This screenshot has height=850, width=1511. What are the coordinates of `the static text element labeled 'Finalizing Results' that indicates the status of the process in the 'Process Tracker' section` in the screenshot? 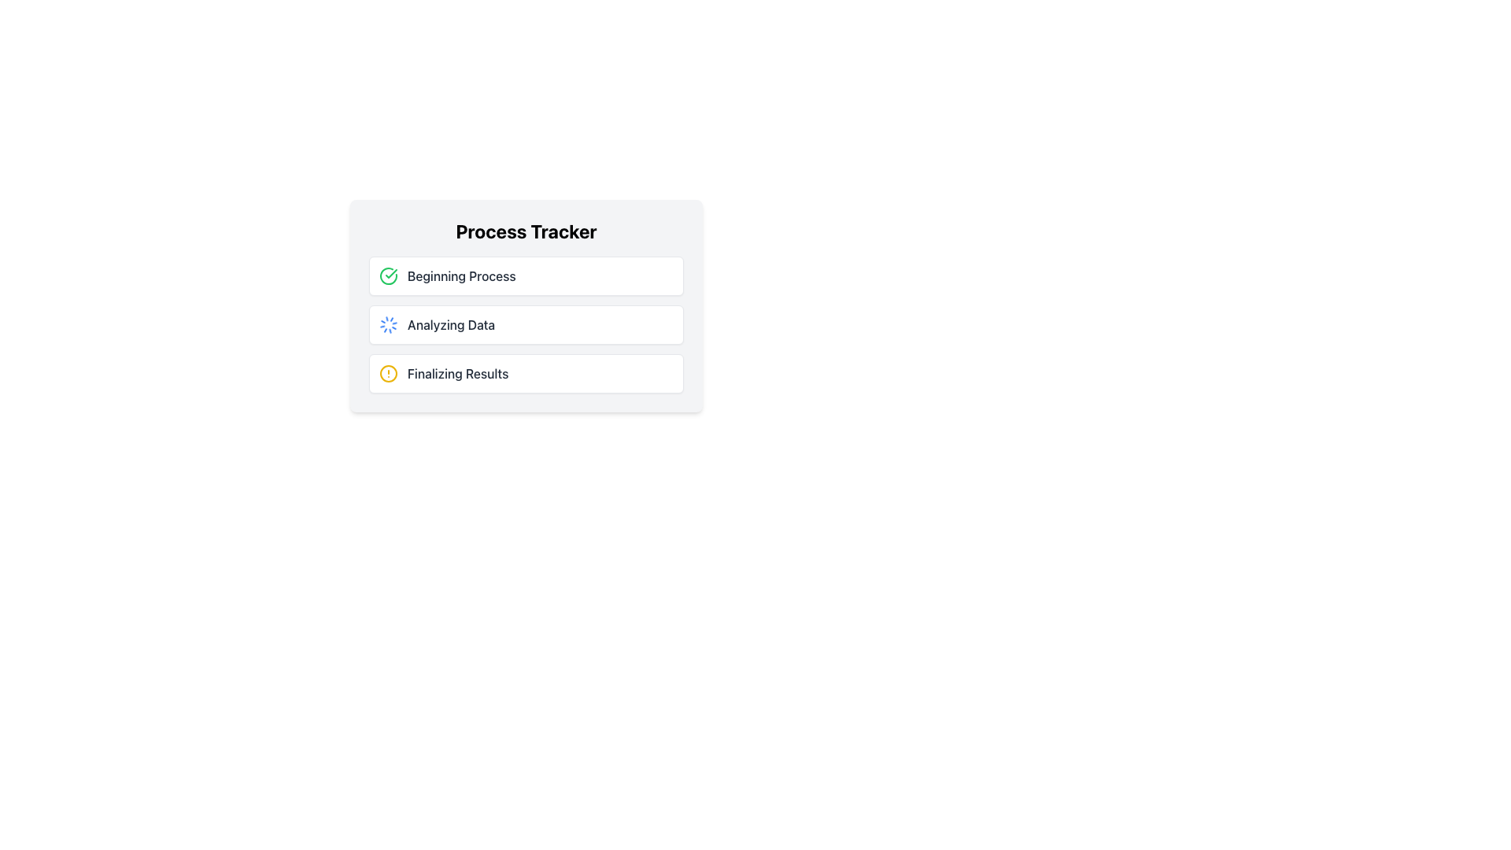 It's located at (457, 373).